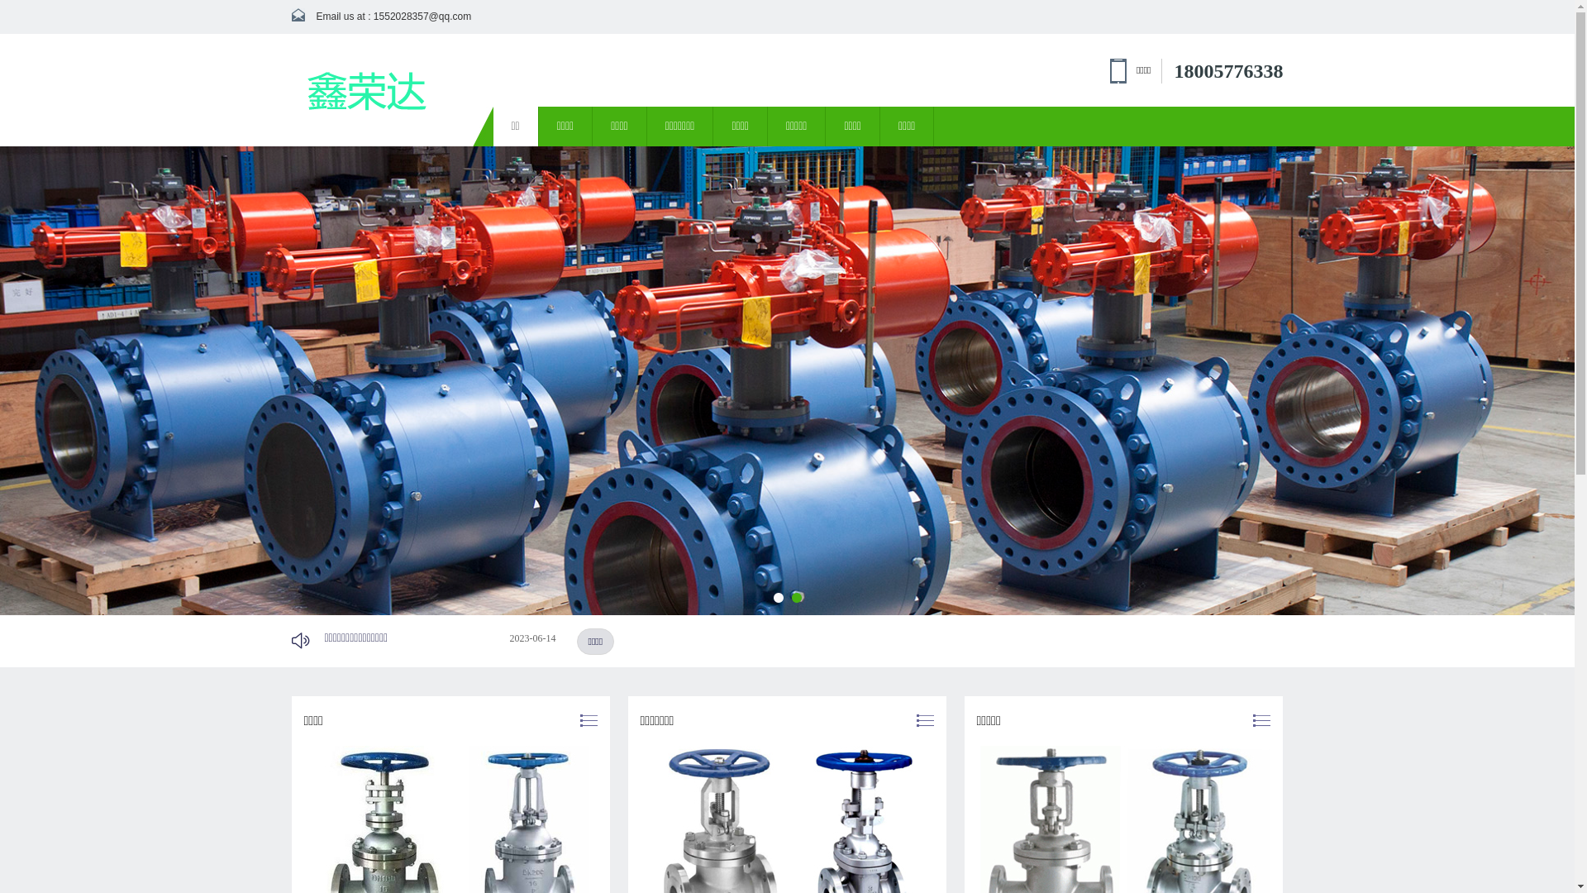 Image resolution: width=1587 pixels, height=893 pixels. What do you see at coordinates (777, 597) in the screenshot?
I see `'1'` at bounding box center [777, 597].